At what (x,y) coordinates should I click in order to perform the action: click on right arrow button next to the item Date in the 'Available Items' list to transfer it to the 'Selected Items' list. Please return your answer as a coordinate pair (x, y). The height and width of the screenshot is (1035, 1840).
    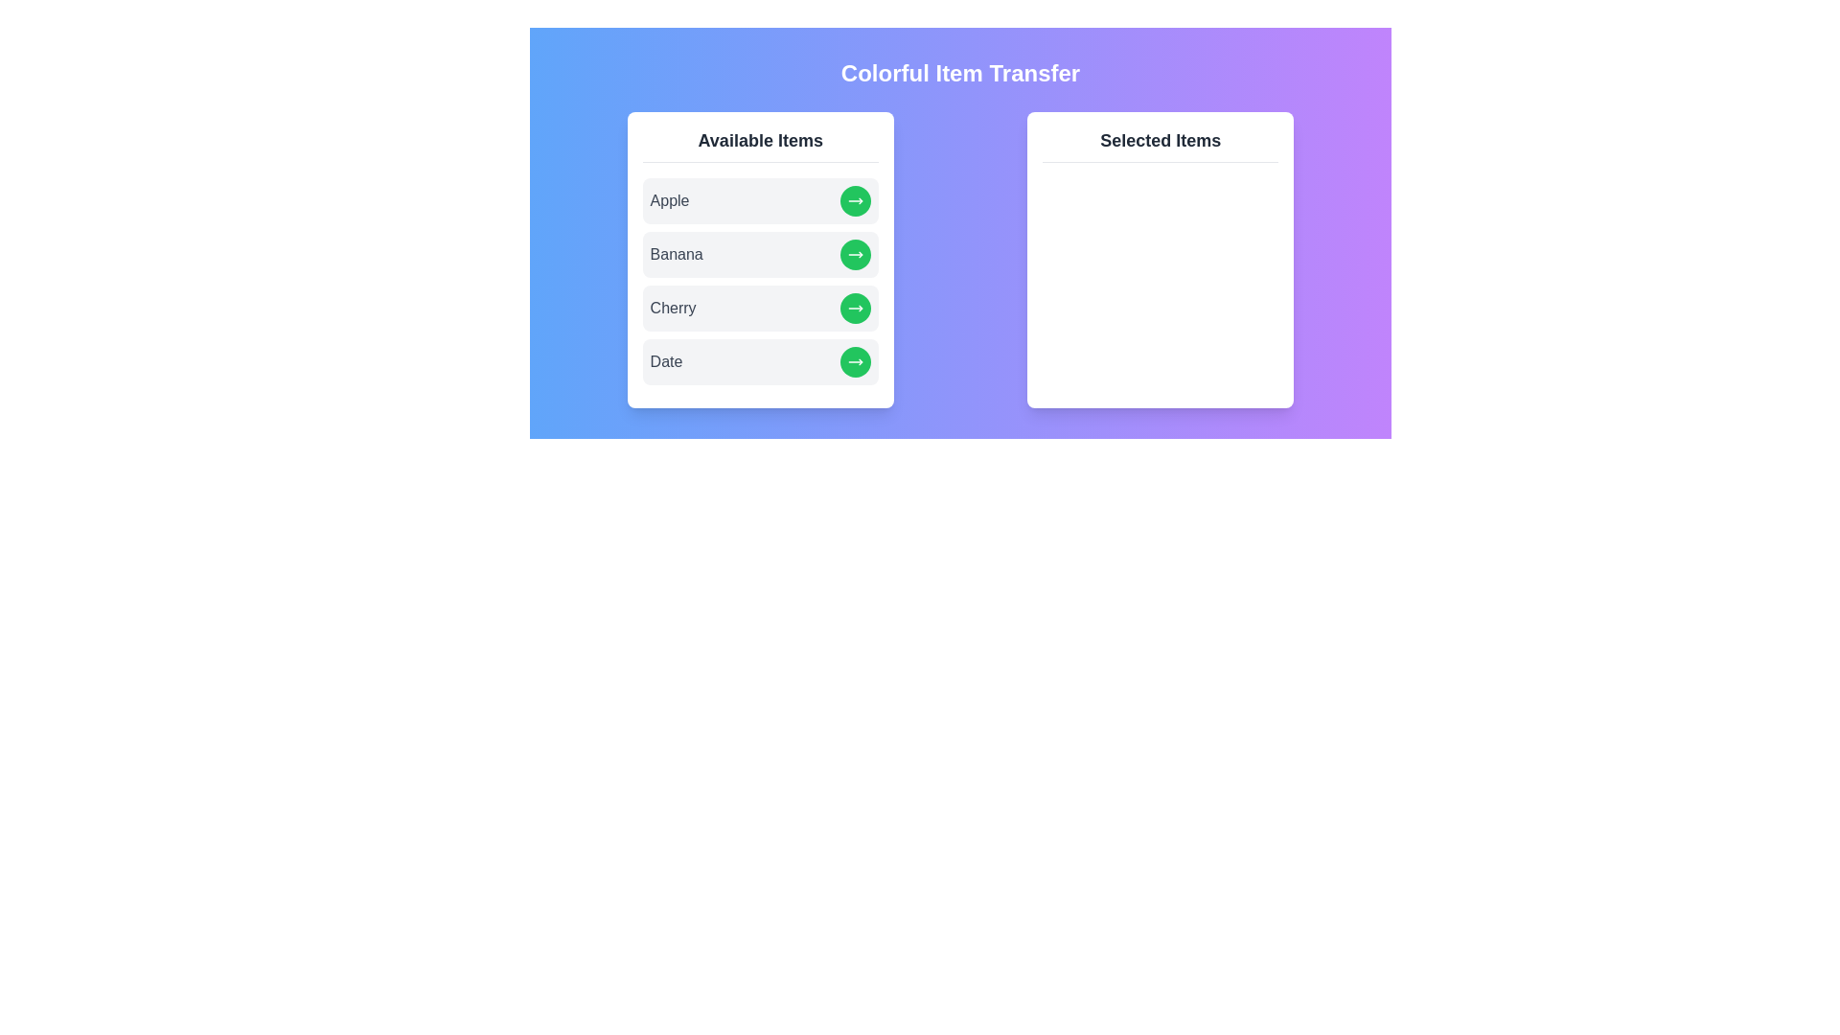
    Looking at the image, I should click on (854, 362).